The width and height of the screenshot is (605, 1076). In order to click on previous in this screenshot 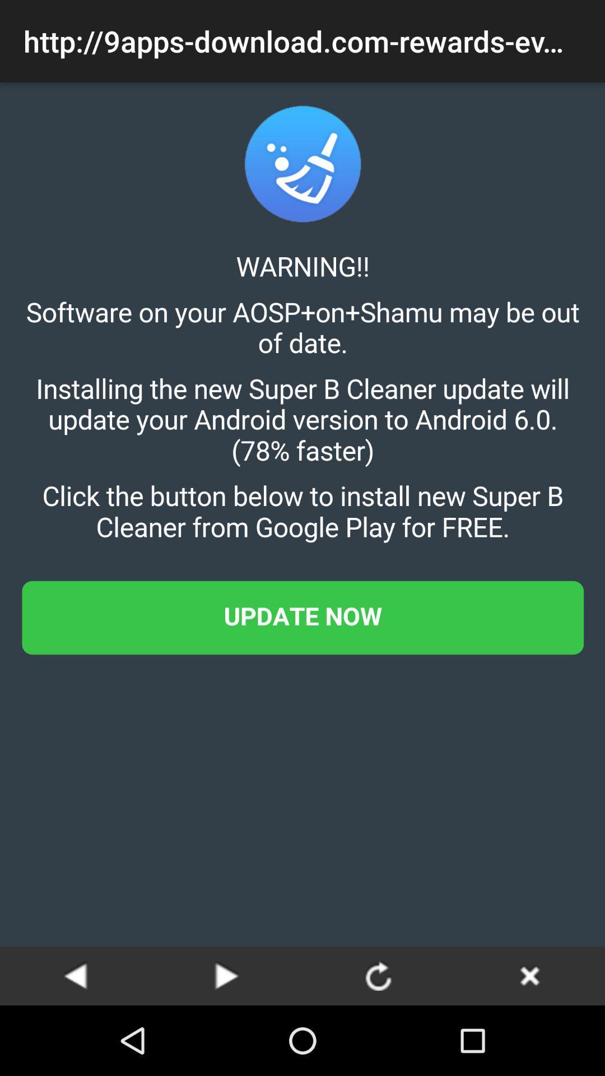, I will do `click(76, 975)`.